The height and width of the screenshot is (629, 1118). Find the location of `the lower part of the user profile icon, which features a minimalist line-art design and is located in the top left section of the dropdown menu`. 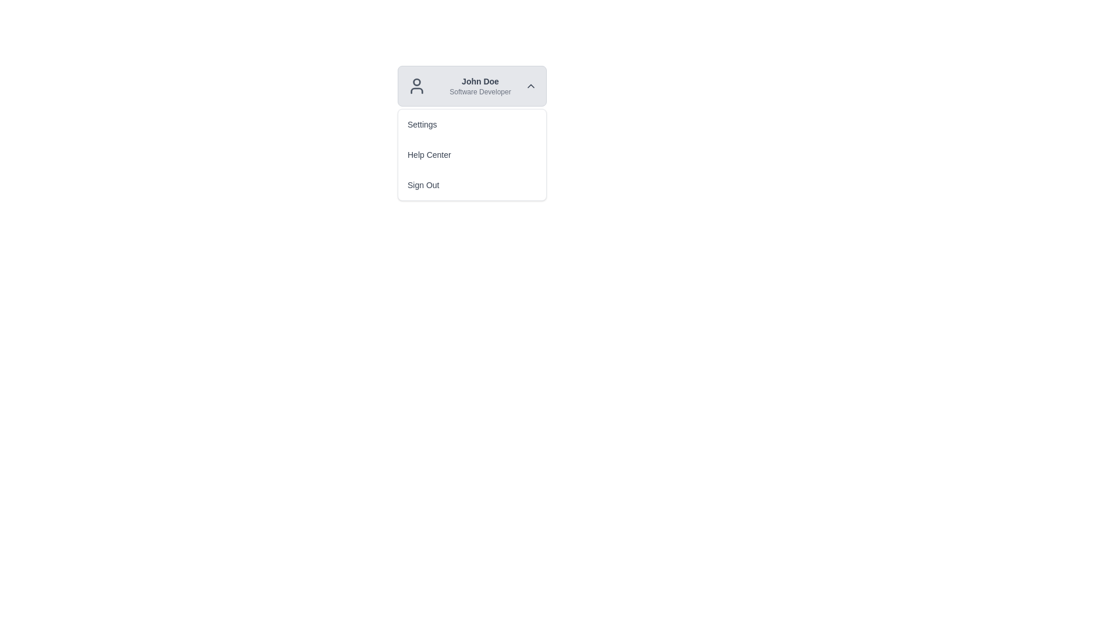

the lower part of the user profile icon, which features a minimalist line-art design and is located in the top left section of the dropdown menu is located at coordinates (416, 90).